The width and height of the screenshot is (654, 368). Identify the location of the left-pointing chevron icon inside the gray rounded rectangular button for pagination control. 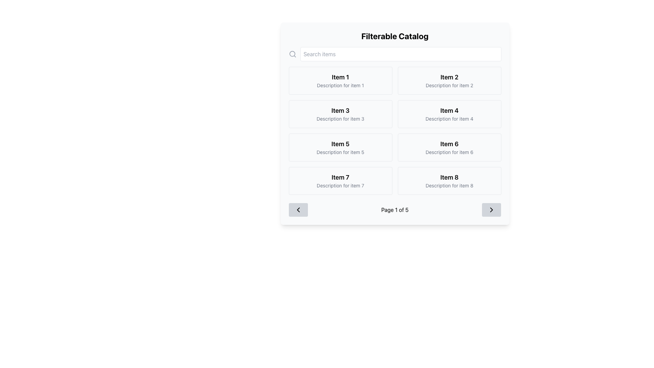
(298, 210).